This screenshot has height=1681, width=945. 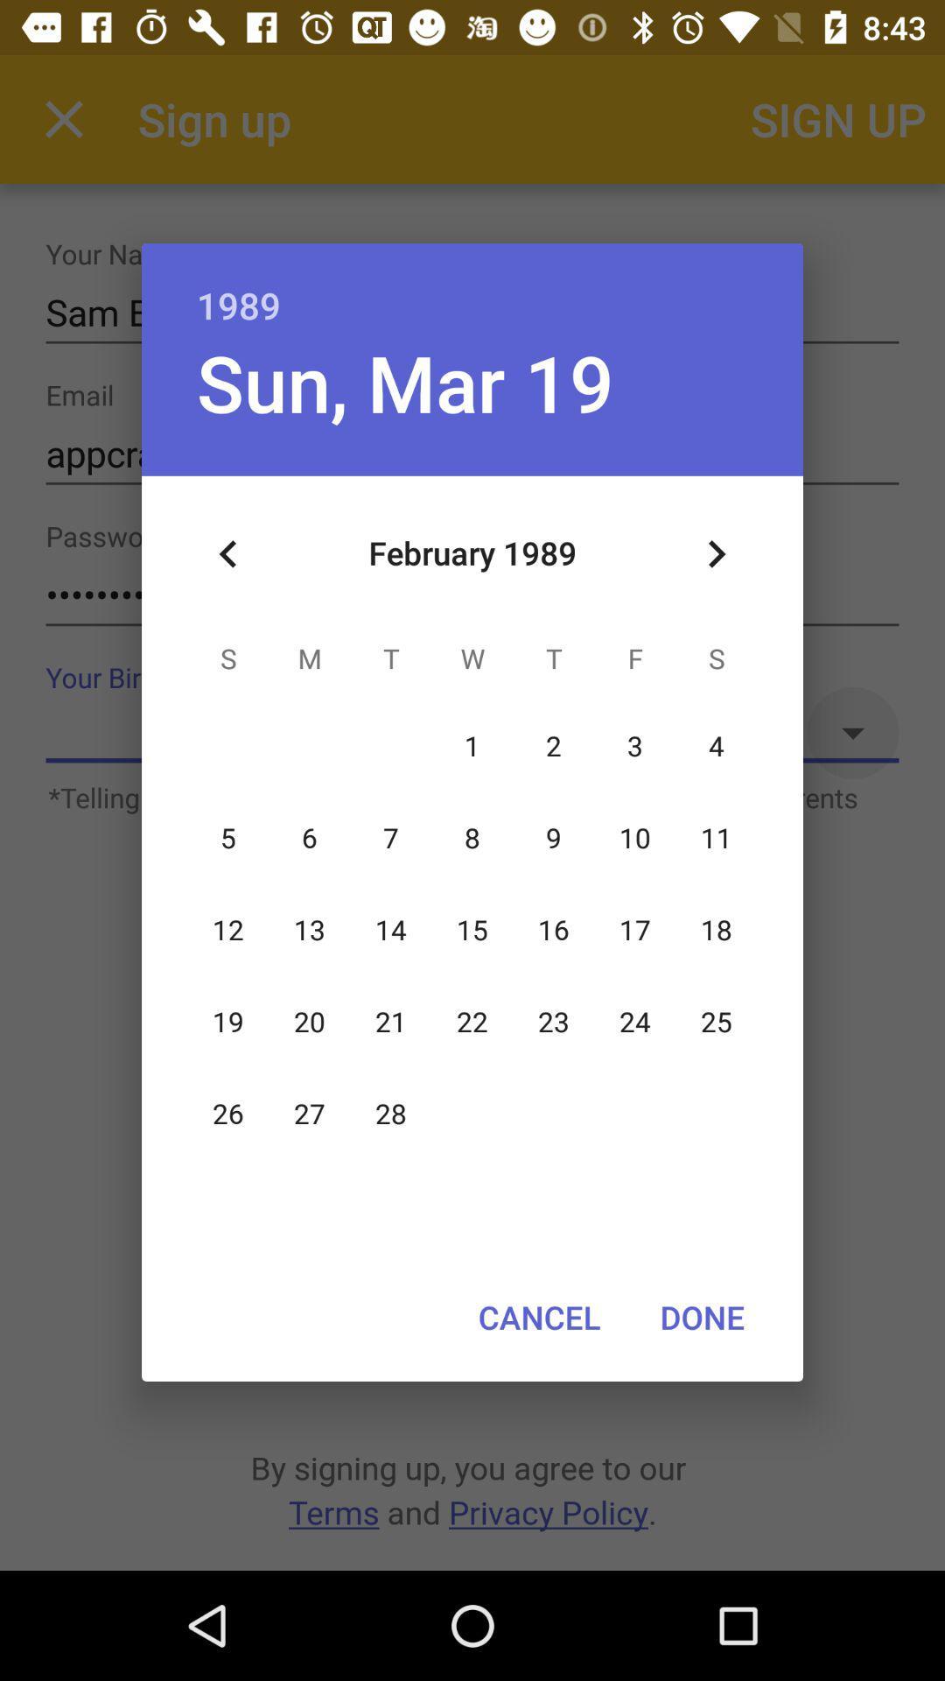 What do you see at coordinates (716, 553) in the screenshot?
I see `item below 1989 icon` at bounding box center [716, 553].